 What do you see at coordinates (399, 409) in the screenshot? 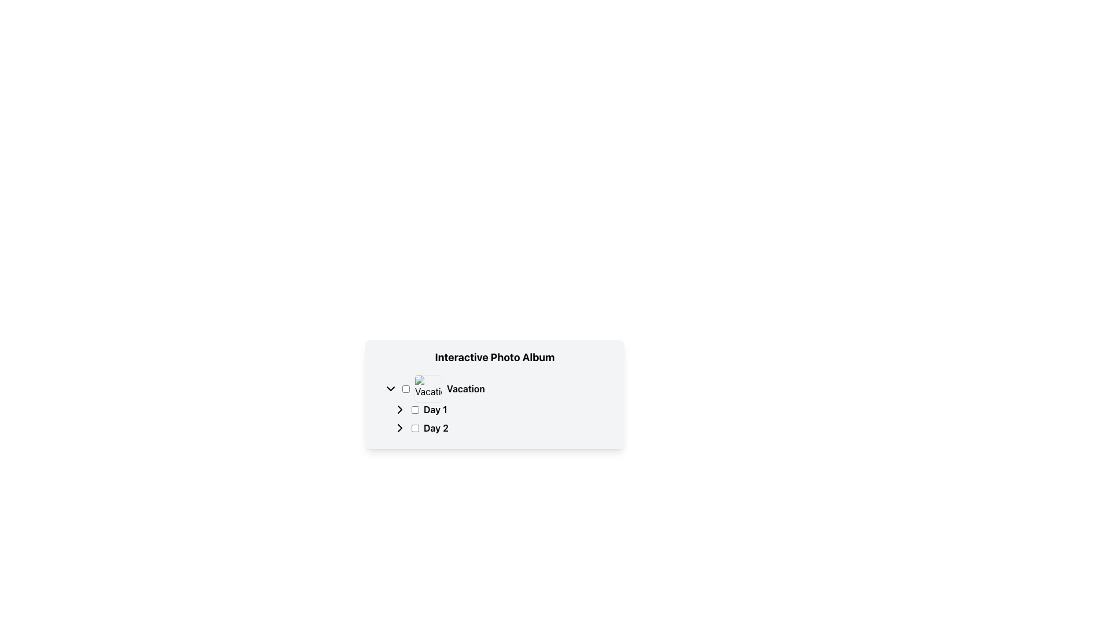
I see `the right-facing chevron arrow icon next to the 'Day 1' label to indicate the focus state` at bounding box center [399, 409].